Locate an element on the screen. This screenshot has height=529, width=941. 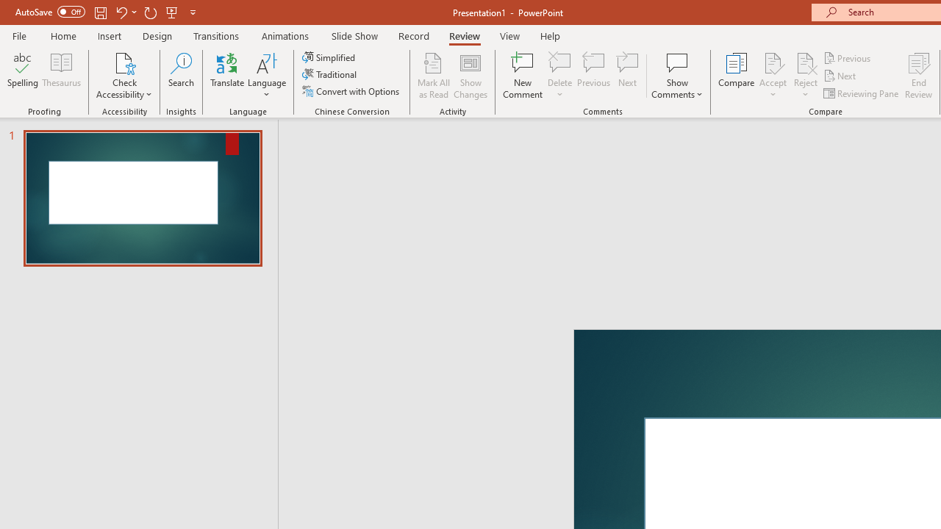
'Compare' is located at coordinates (737, 76).